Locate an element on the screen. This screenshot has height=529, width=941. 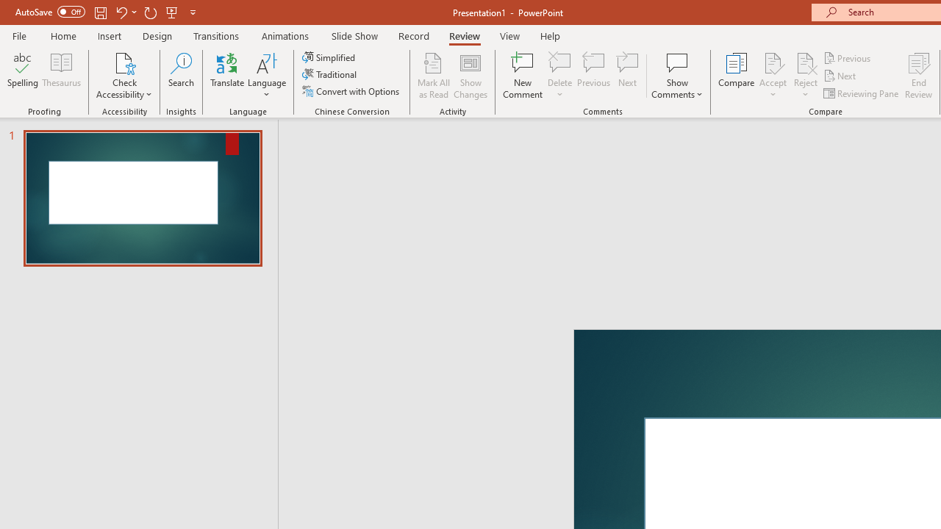
'Compare' is located at coordinates (737, 76).